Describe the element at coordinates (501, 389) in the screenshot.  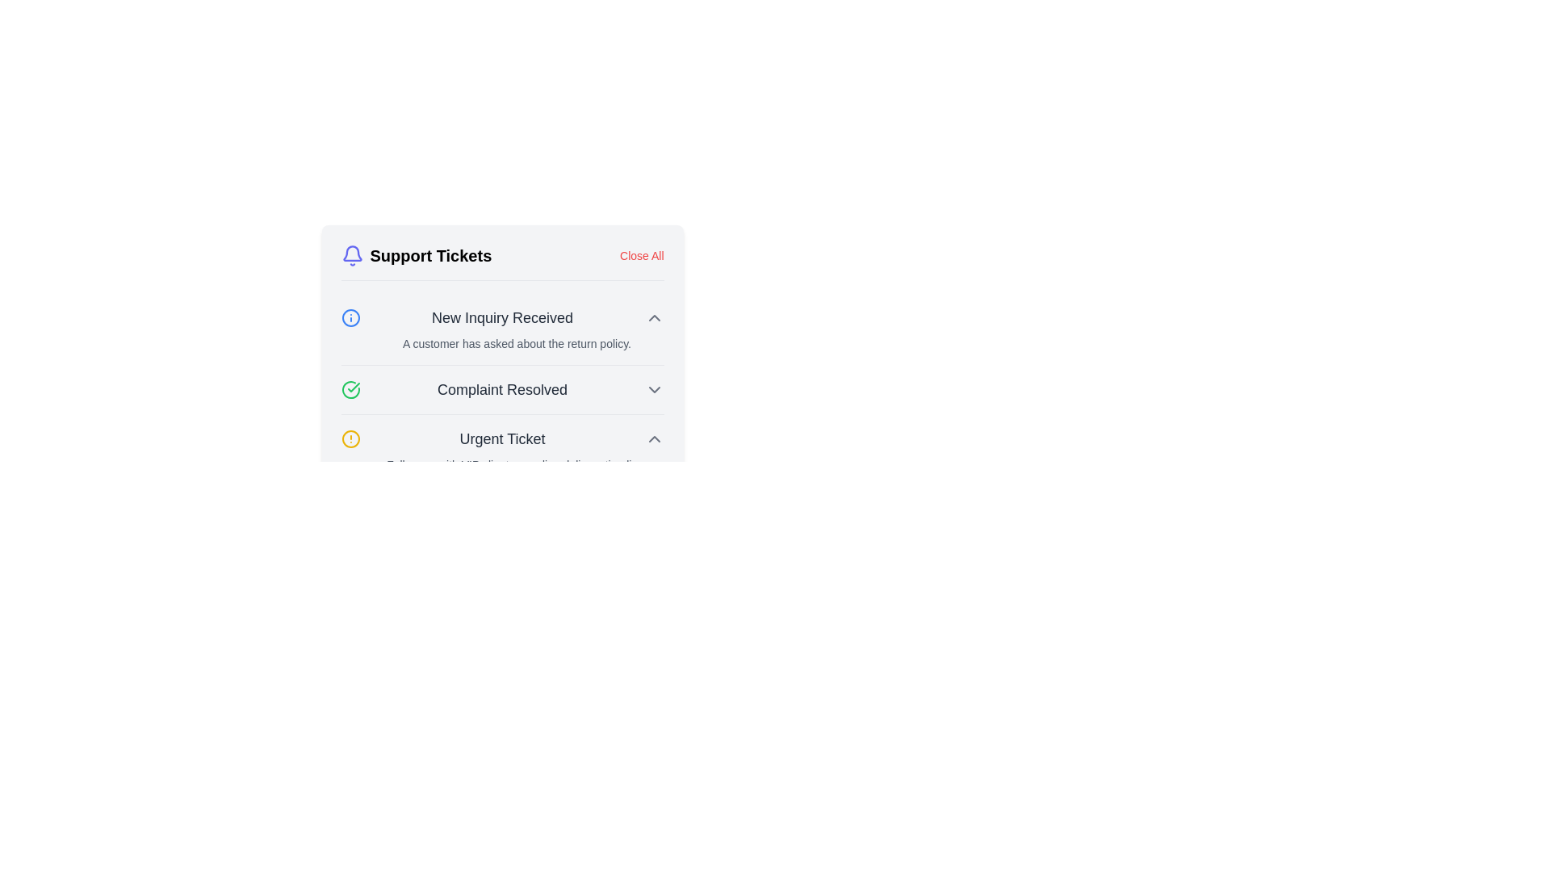
I see `the non-interactive text label indicating a resolved complaint within the Support Tickets menu, which is the second entry in the list` at that location.